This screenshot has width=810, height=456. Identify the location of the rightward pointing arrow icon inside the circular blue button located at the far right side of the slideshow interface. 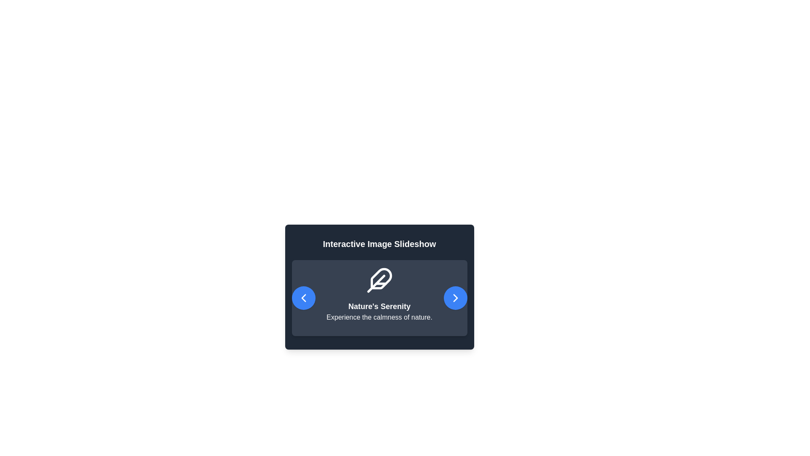
(455, 297).